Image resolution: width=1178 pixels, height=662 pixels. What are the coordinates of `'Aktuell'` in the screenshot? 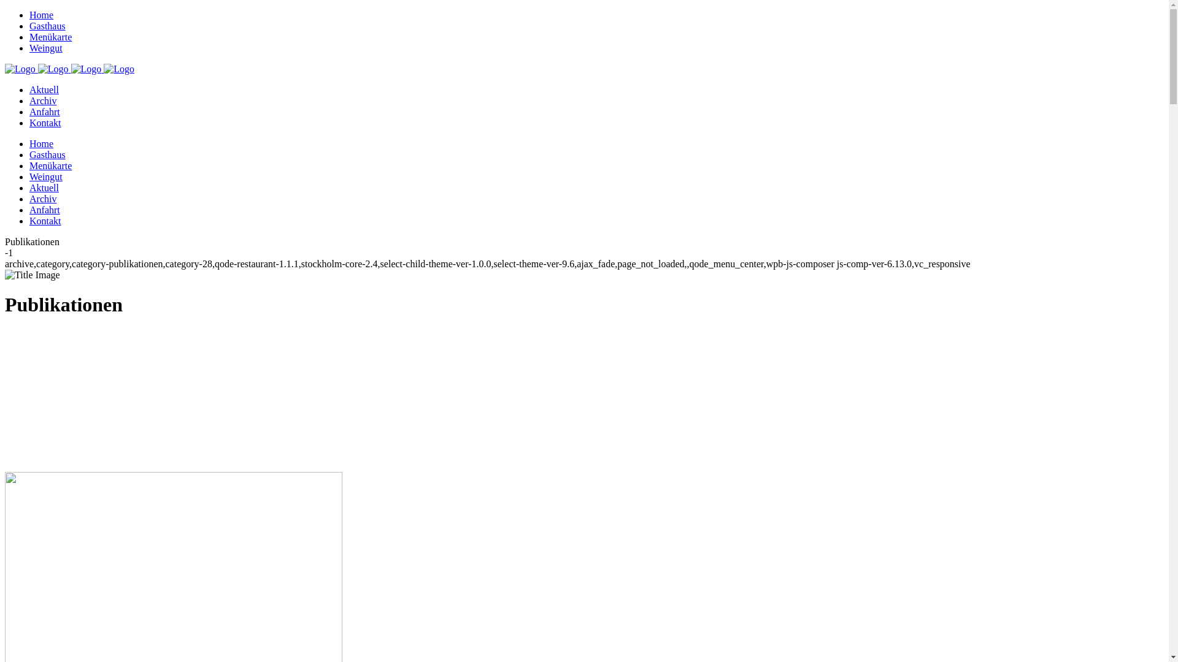 It's located at (29, 188).